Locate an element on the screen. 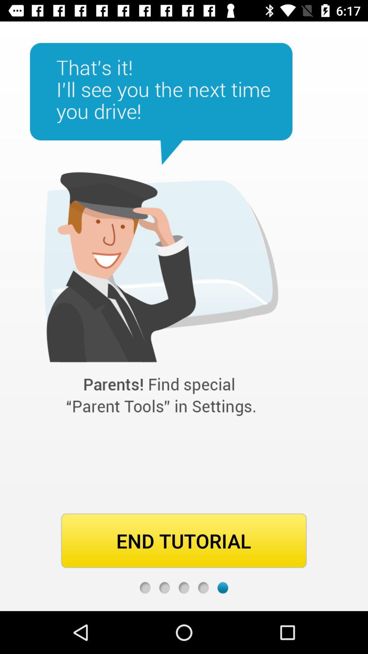 The height and width of the screenshot is (654, 368). last page marker is located at coordinates (223, 587).